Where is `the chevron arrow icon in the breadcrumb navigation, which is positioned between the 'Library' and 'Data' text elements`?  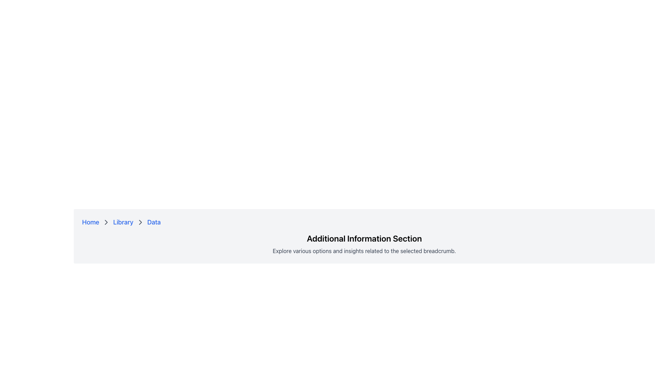 the chevron arrow icon in the breadcrumb navigation, which is positioned between the 'Library' and 'Data' text elements is located at coordinates (140, 222).